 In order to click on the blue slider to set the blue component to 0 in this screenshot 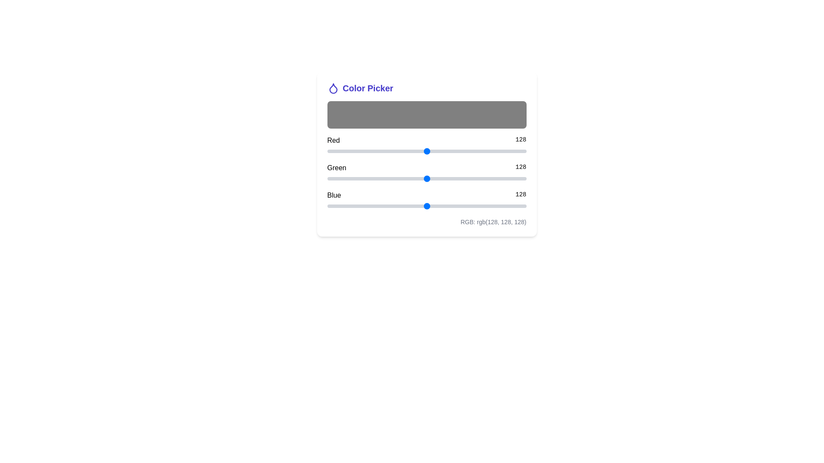, I will do `click(327, 206)`.